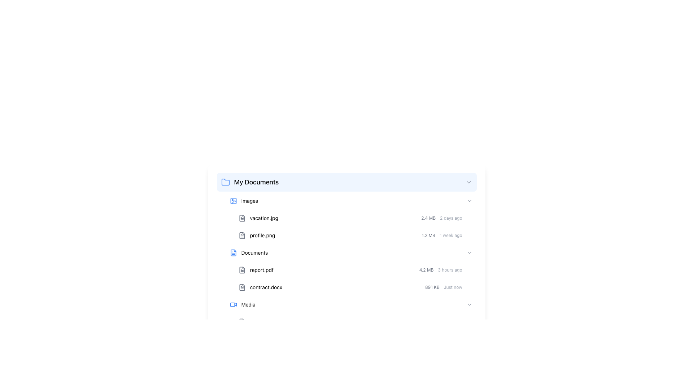 Image resolution: width=693 pixels, height=389 pixels. What do you see at coordinates (450, 218) in the screenshot?
I see `the text label displaying '2 days ago', which is styled in light gray and located to the far-right of the file entry for 'vacation.jpg'` at bounding box center [450, 218].